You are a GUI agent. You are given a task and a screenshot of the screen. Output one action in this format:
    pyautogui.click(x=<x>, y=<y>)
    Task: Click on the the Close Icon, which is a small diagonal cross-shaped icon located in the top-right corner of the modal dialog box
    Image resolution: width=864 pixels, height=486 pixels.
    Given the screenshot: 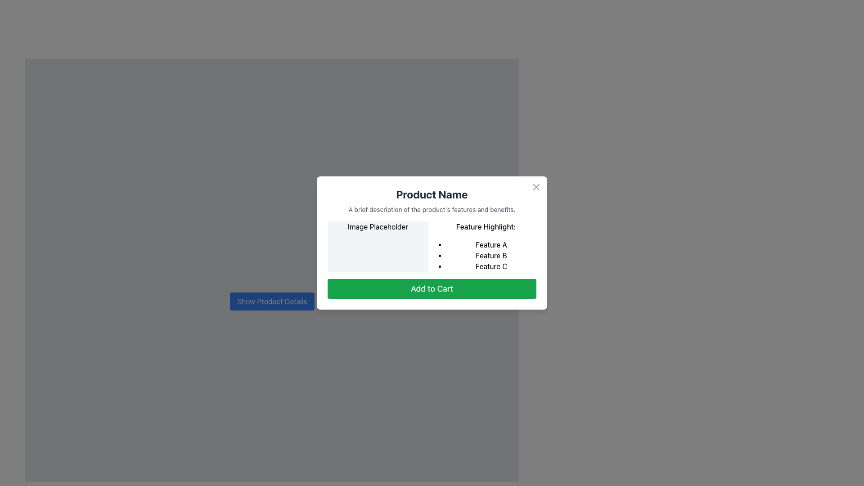 What is the action you would take?
    pyautogui.click(x=536, y=187)
    